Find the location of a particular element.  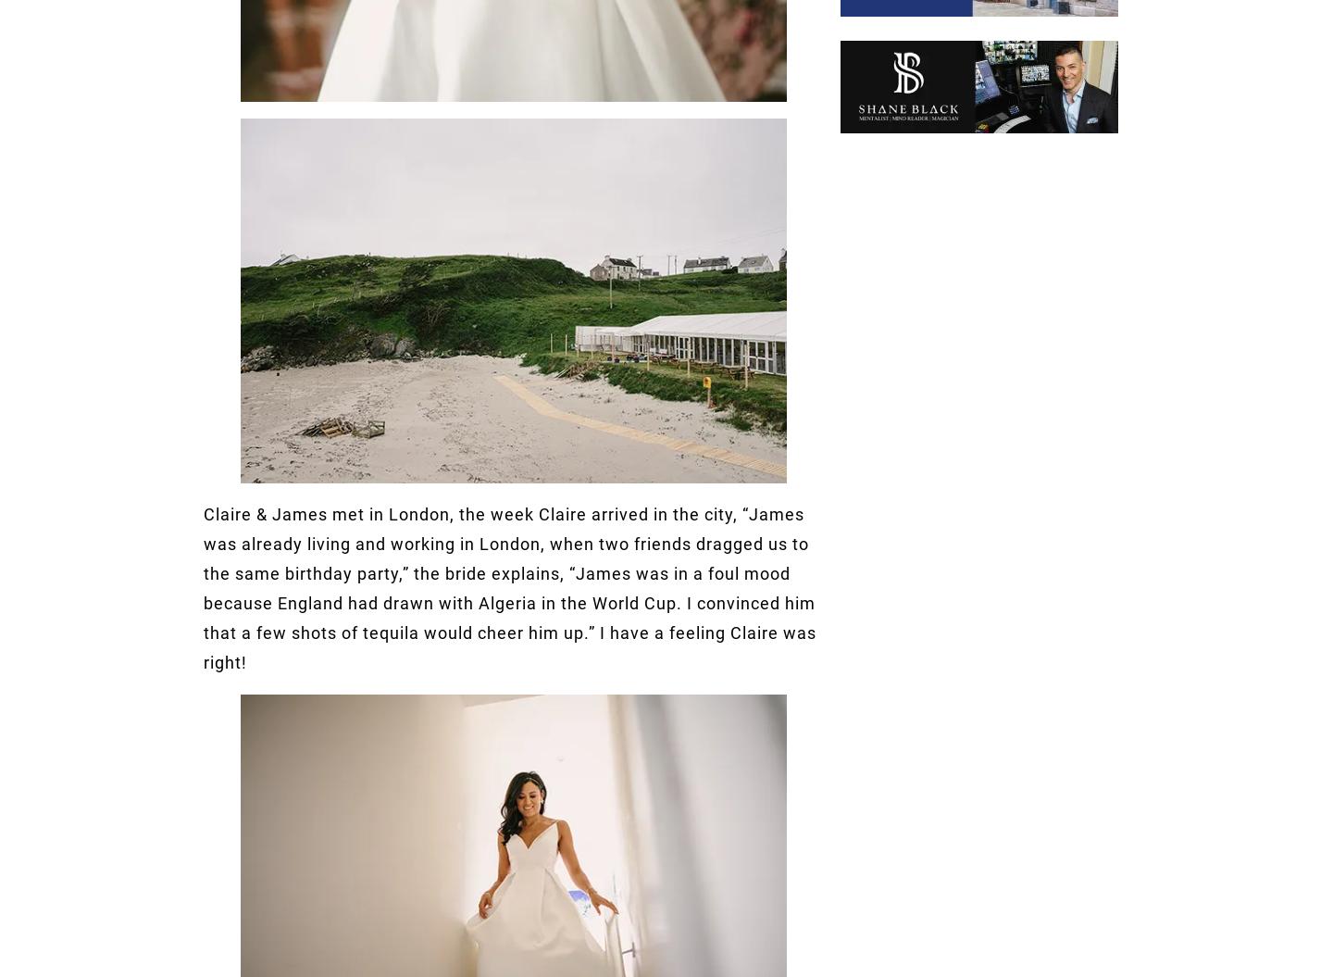

'hello@onefabday.com' is located at coordinates (921, 459).